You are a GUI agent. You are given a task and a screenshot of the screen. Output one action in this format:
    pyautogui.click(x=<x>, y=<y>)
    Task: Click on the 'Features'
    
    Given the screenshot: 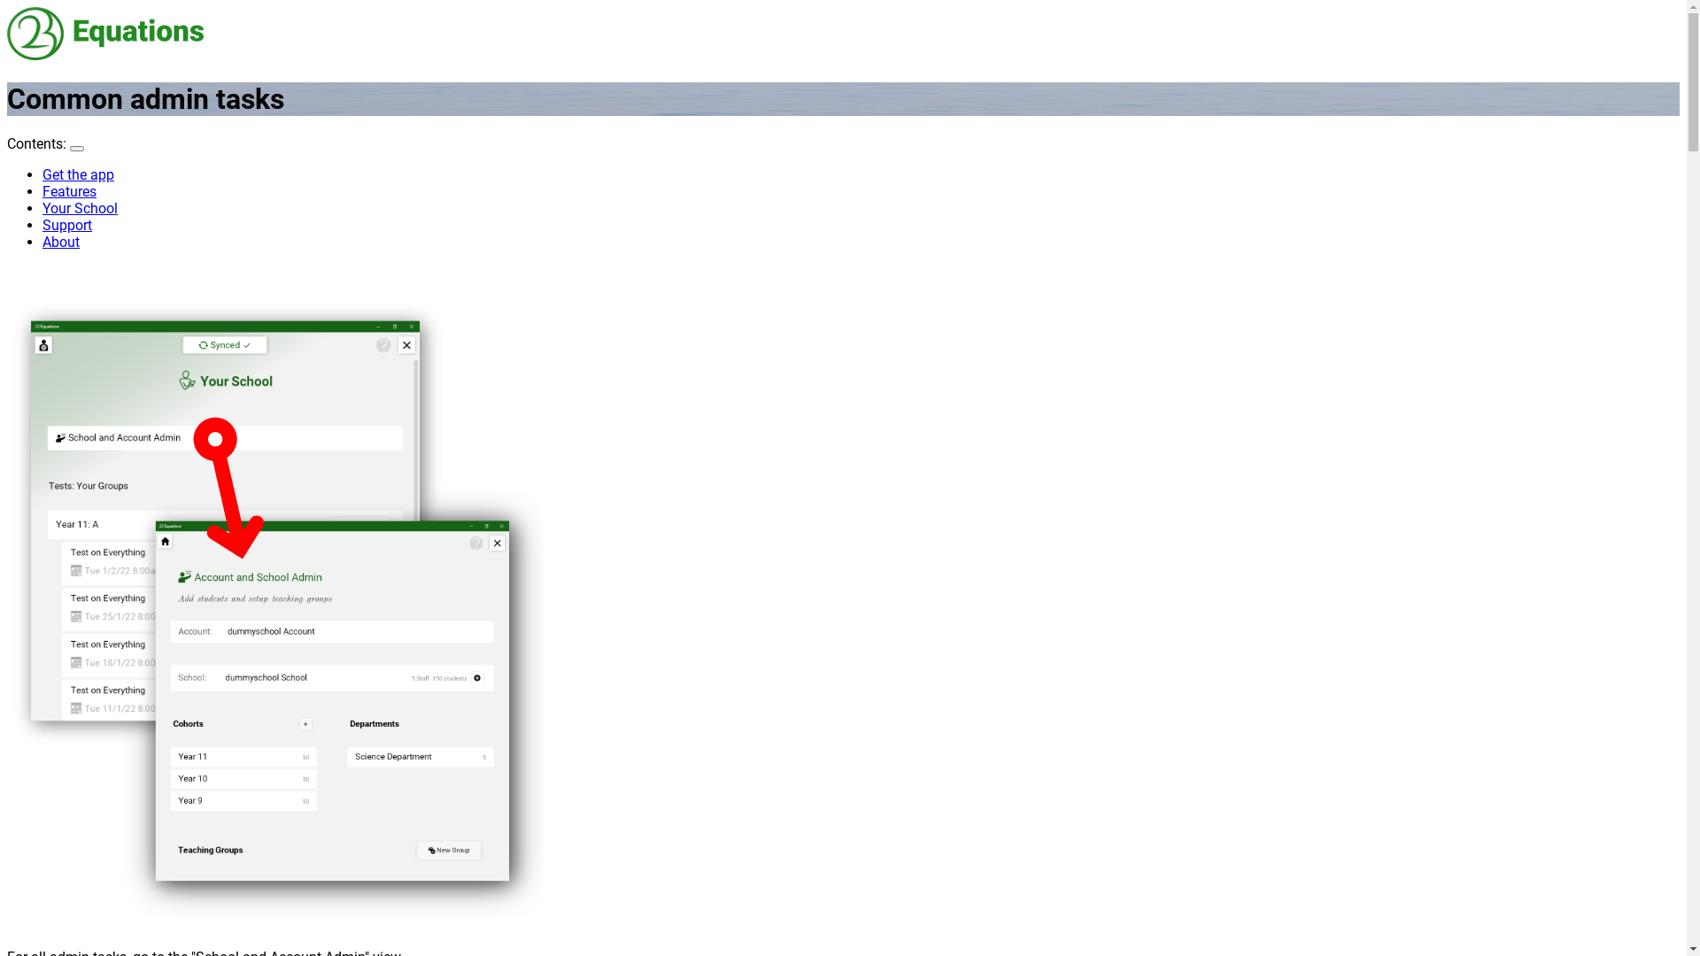 What is the action you would take?
    pyautogui.click(x=69, y=191)
    